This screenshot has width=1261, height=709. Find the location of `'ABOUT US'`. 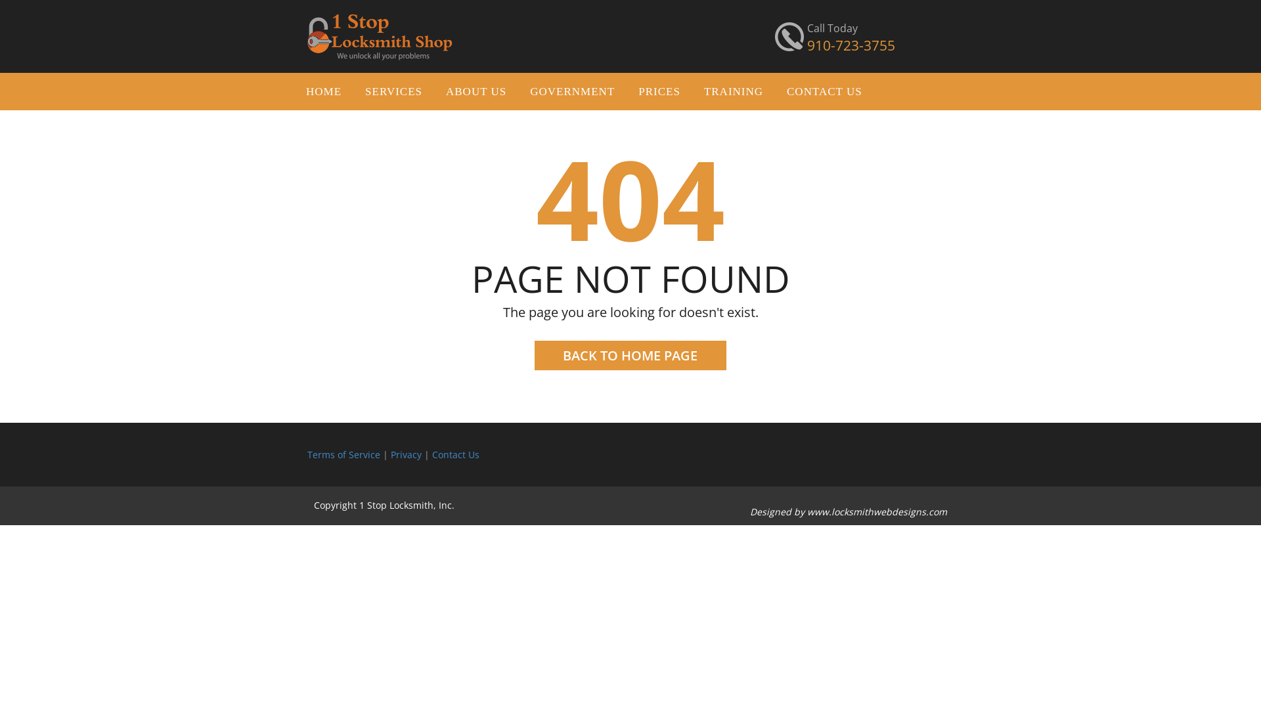

'ABOUT US' is located at coordinates (475, 91).